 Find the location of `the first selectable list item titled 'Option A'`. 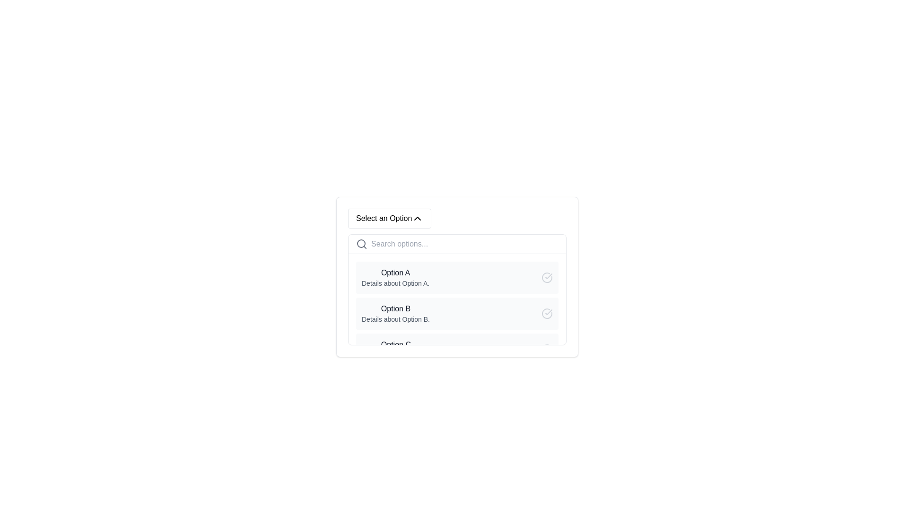

the first selectable list item titled 'Option A' is located at coordinates (395, 277).